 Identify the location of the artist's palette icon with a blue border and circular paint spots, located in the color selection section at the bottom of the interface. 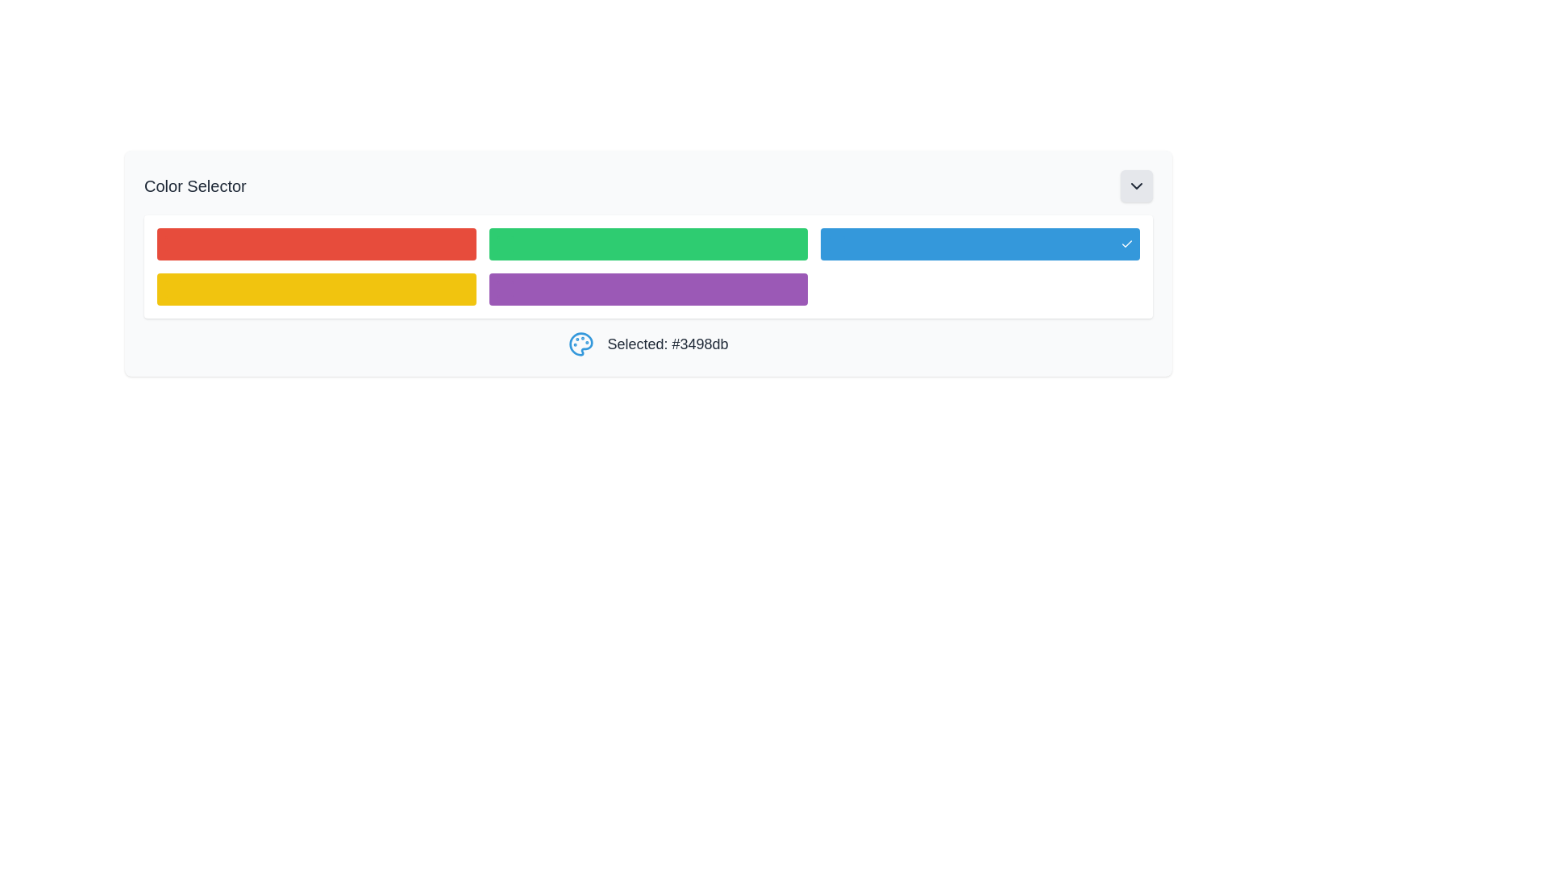
(580, 344).